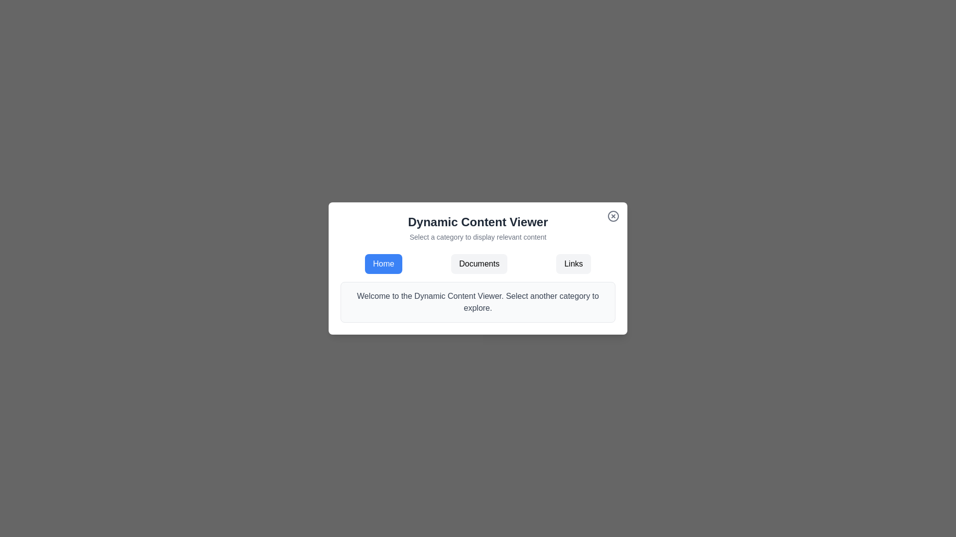  What do you see at coordinates (479, 264) in the screenshot?
I see `the 'Documents' button, which is a rectangular button with a light gray background and rounded corners, located in the center of the navigation bar` at bounding box center [479, 264].